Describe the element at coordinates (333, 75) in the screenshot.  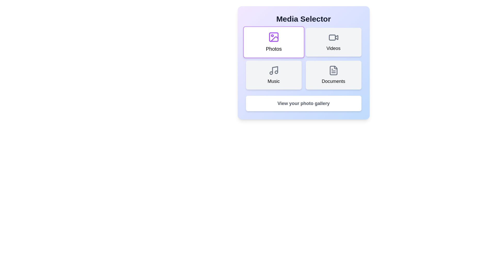
I see `the button corresponding to Documents to select it` at that location.